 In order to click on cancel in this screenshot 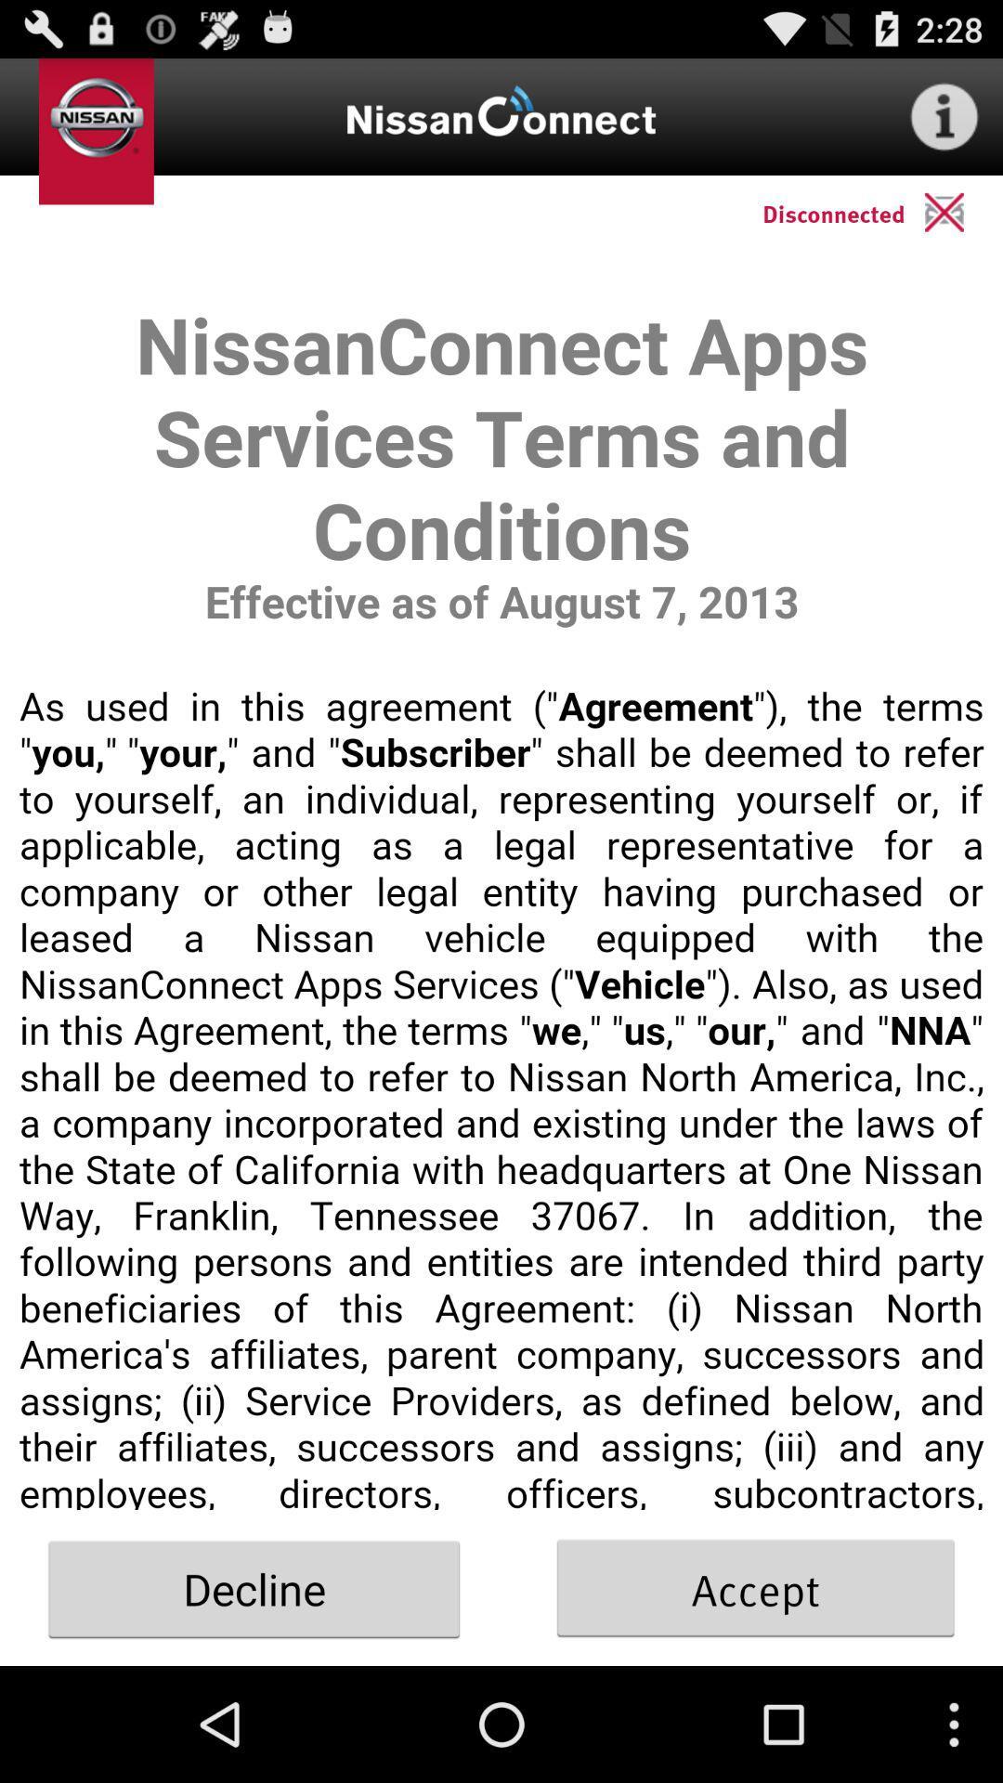, I will do `click(962, 212)`.